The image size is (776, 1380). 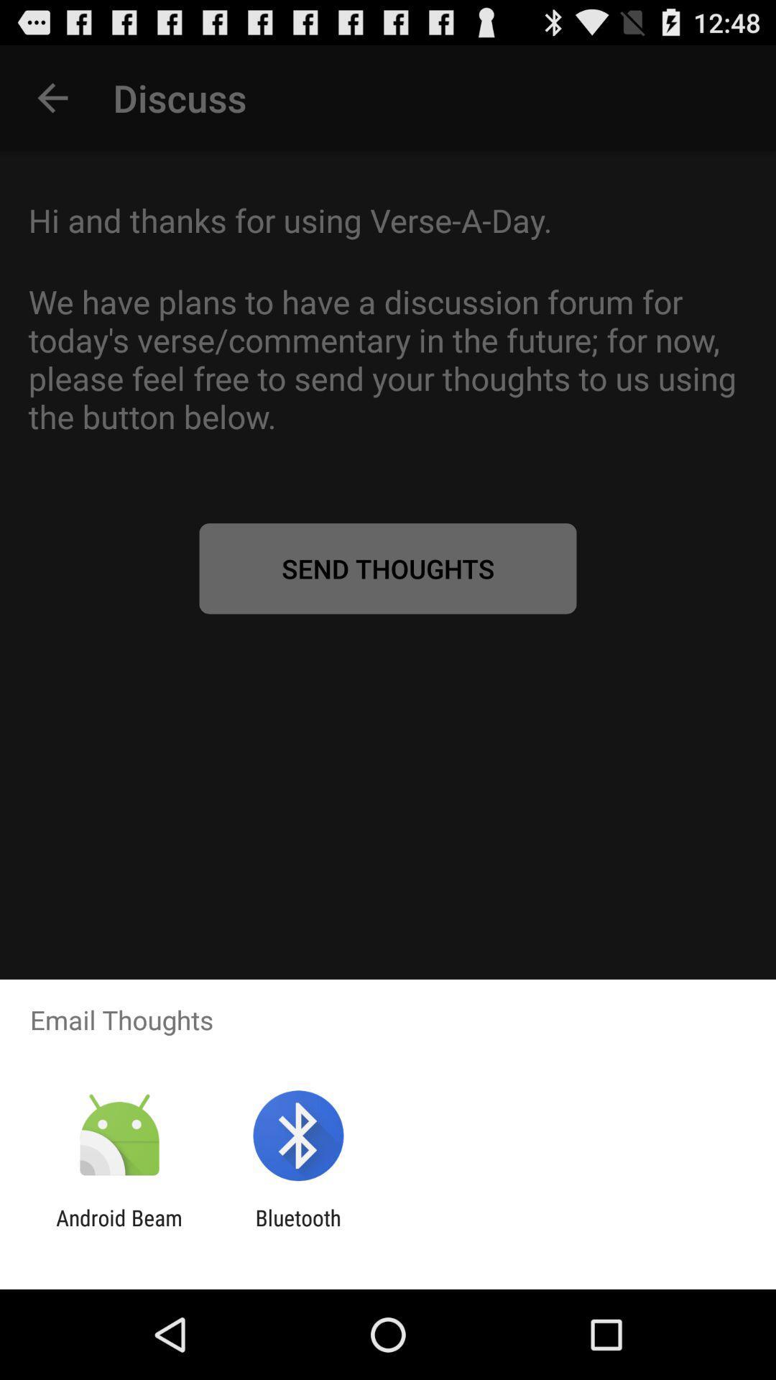 What do you see at coordinates (119, 1230) in the screenshot?
I see `the android beam app` at bounding box center [119, 1230].